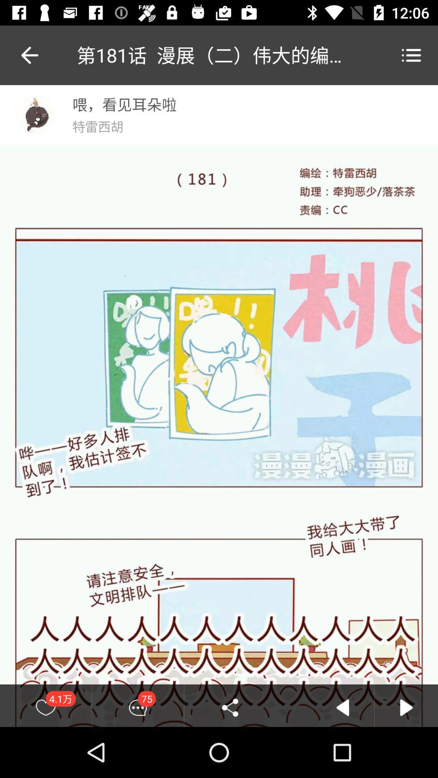 The image size is (438, 778). I want to click on the menu bar which is in top right corner, so click(411, 55).